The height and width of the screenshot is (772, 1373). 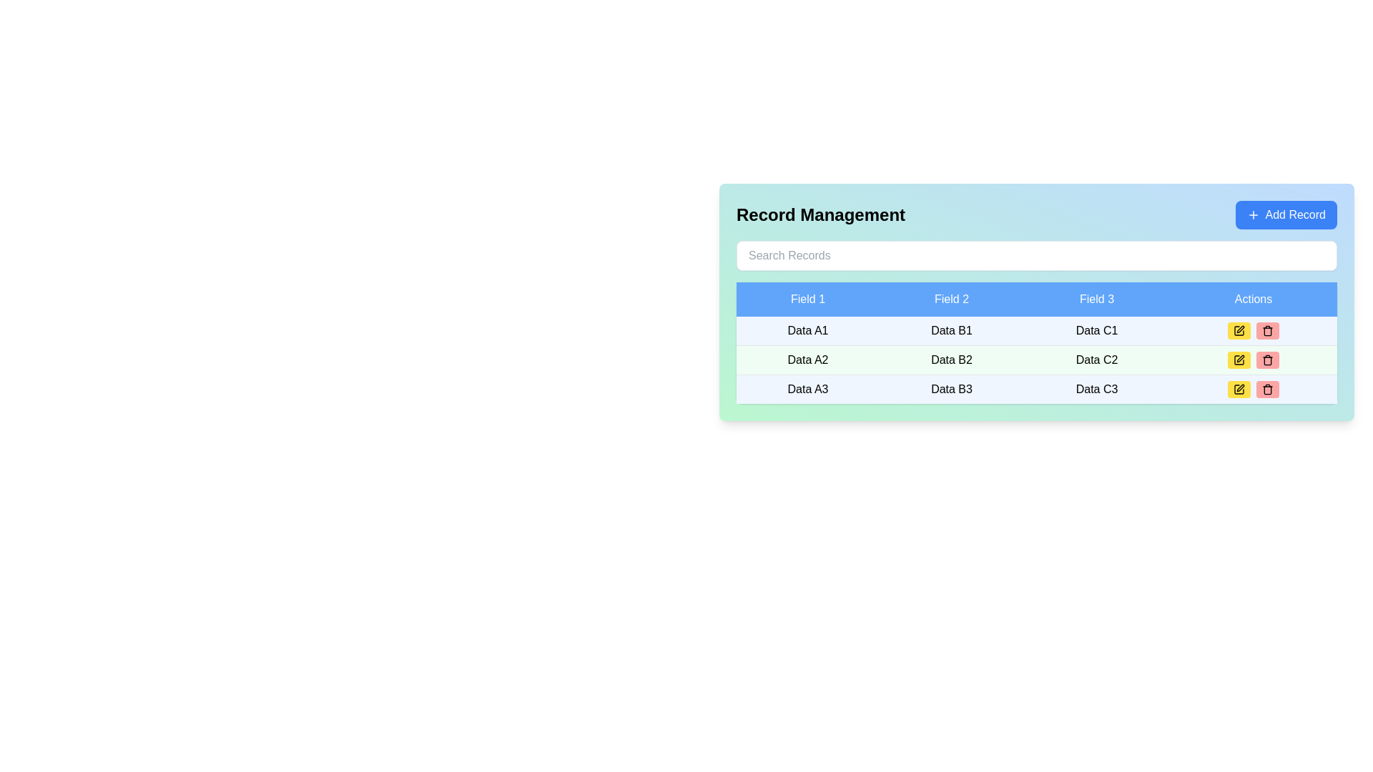 I want to click on the text label that serves as the heading or title for the section, positioned to the left of the 'Add Record' button, so click(x=820, y=214).